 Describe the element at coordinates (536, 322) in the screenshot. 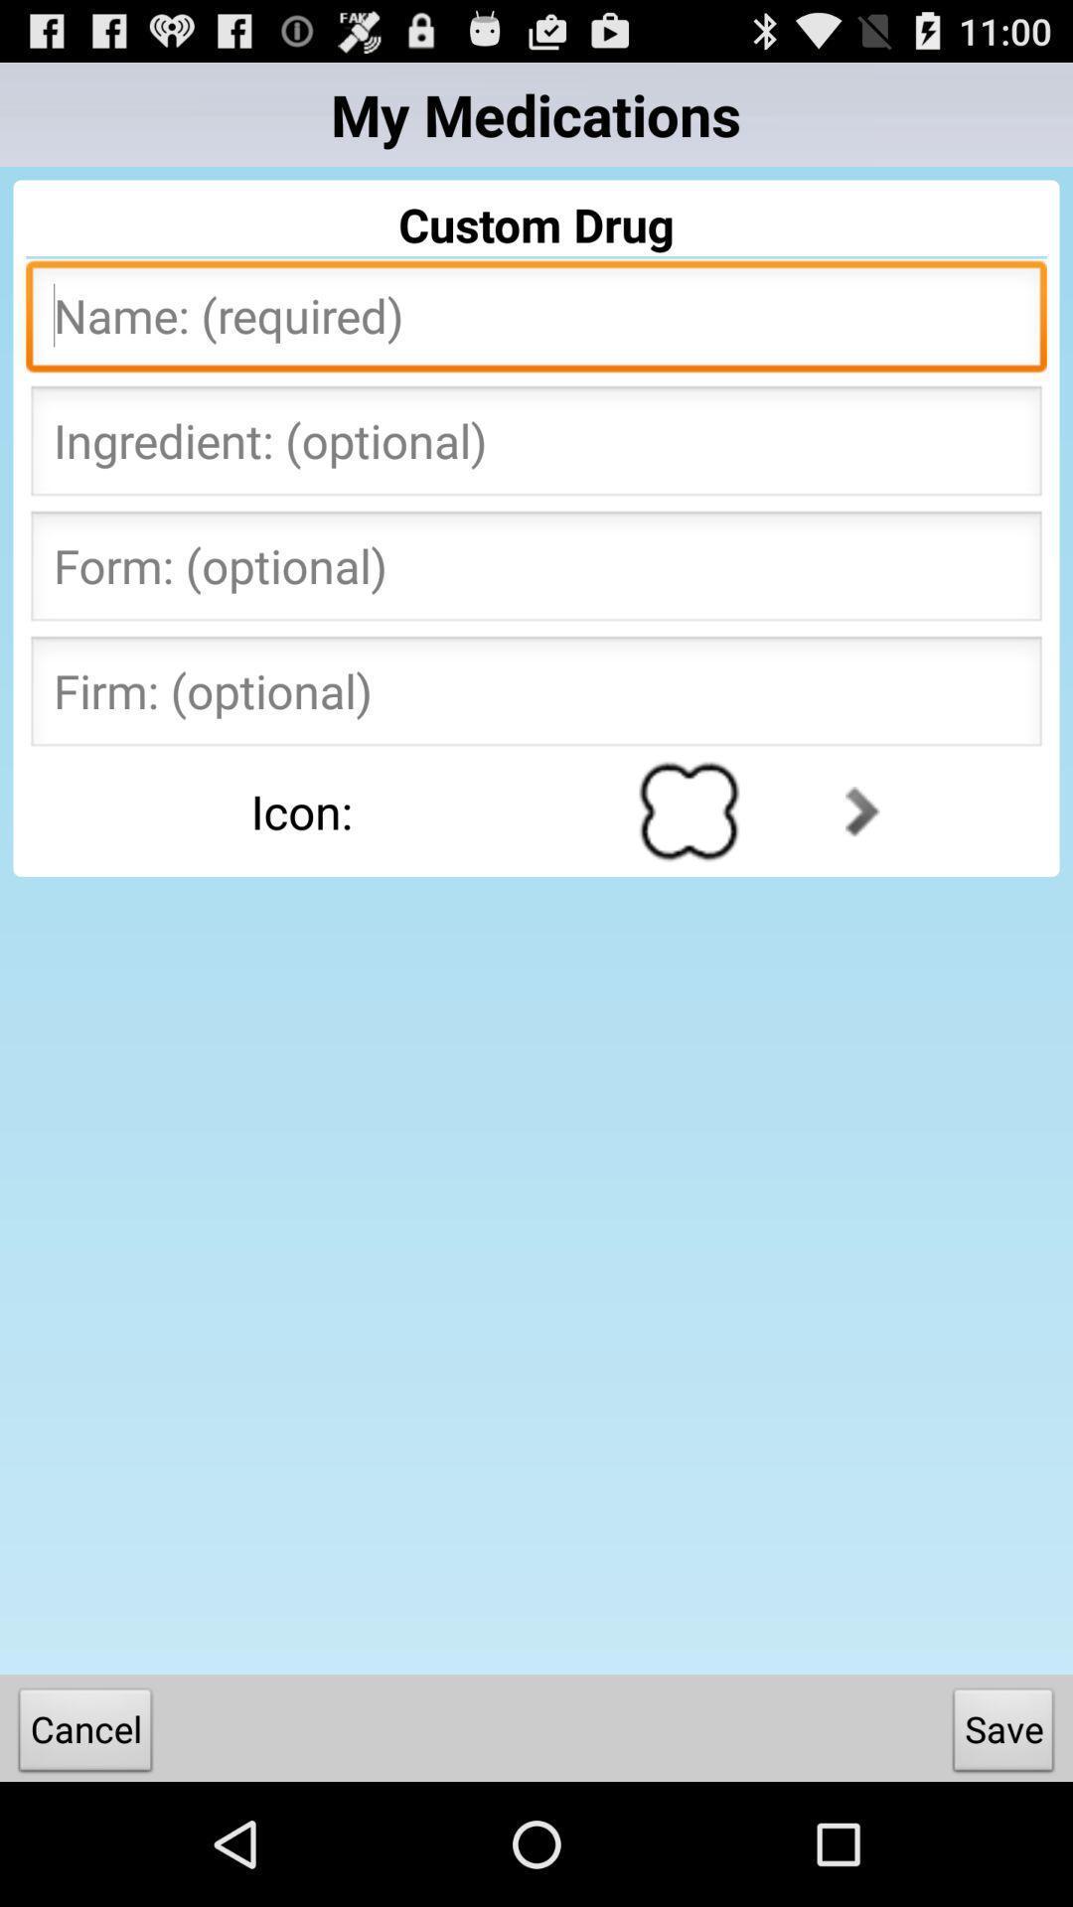

I see `type name` at that location.